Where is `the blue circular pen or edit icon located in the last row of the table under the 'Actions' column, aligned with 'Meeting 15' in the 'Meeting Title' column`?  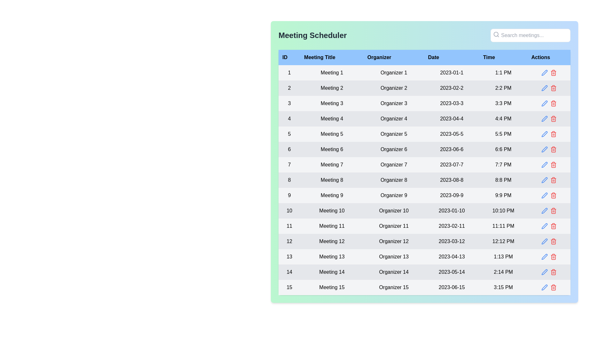
the blue circular pen or edit icon located in the last row of the table under the 'Actions' column, aligned with 'Meeting 15' in the 'Meeting Title' column is located at coordinates (544, 272).